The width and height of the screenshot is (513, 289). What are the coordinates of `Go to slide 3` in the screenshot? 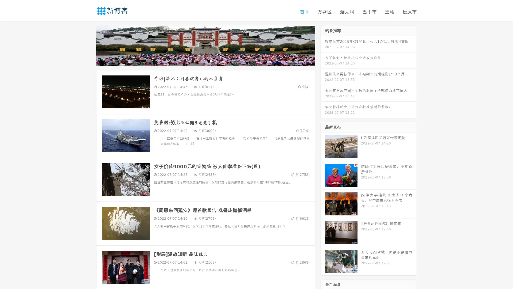 It's located at (211, 60).